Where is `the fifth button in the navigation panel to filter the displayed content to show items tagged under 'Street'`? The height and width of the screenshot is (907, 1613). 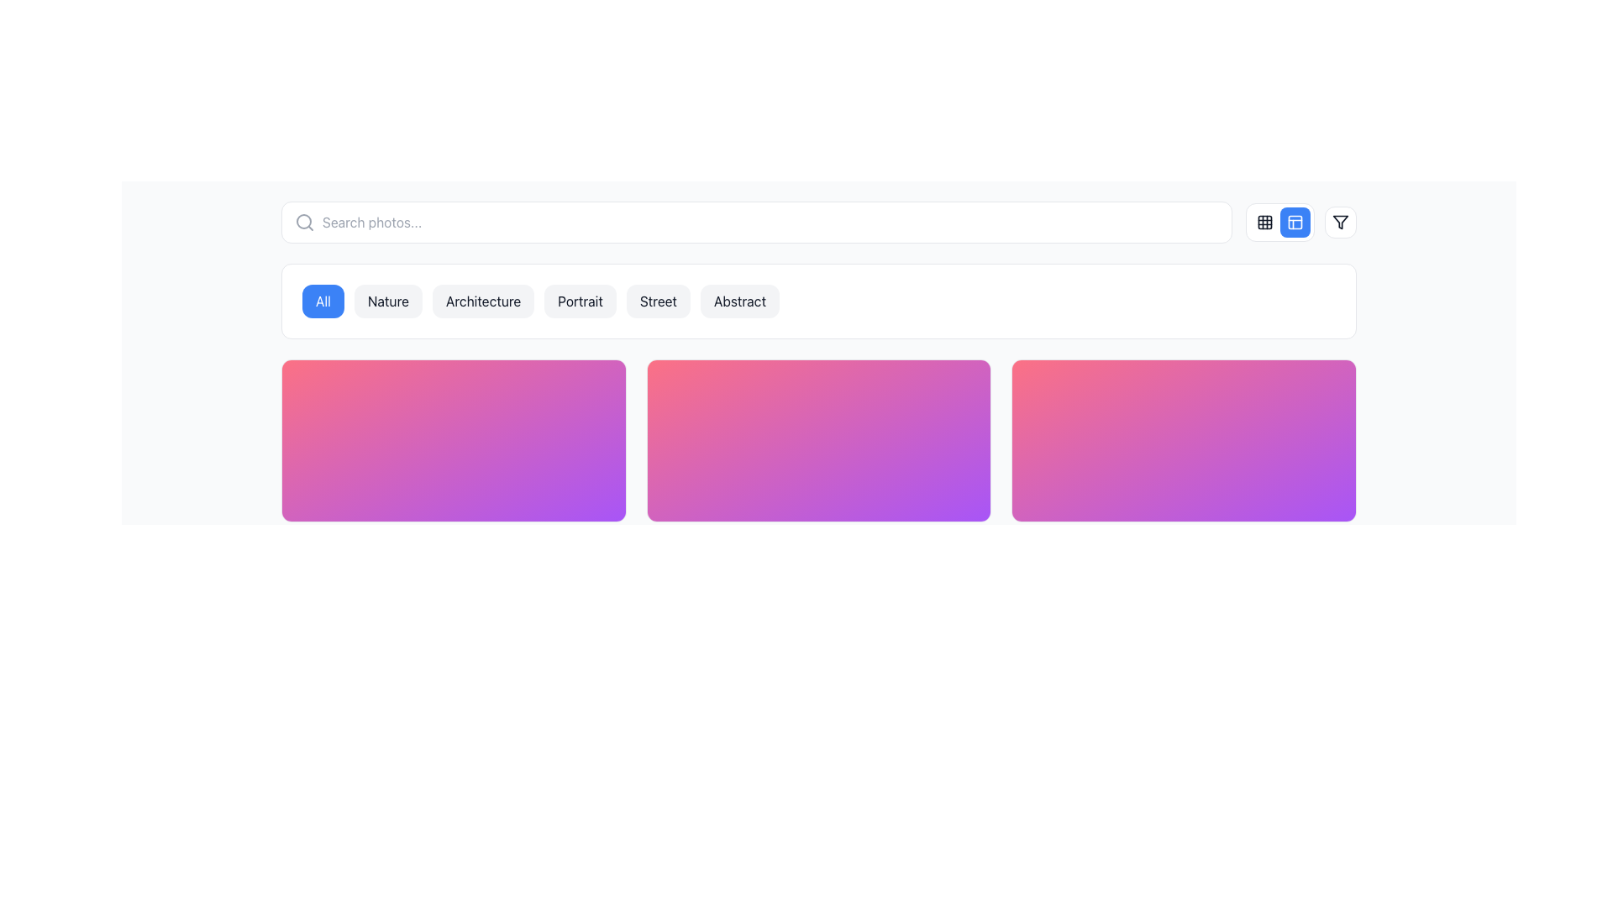
the fifth button in the navigation panel to filter the displayed content to show items tagged under 'Street' is located at coordinates (657, 300).